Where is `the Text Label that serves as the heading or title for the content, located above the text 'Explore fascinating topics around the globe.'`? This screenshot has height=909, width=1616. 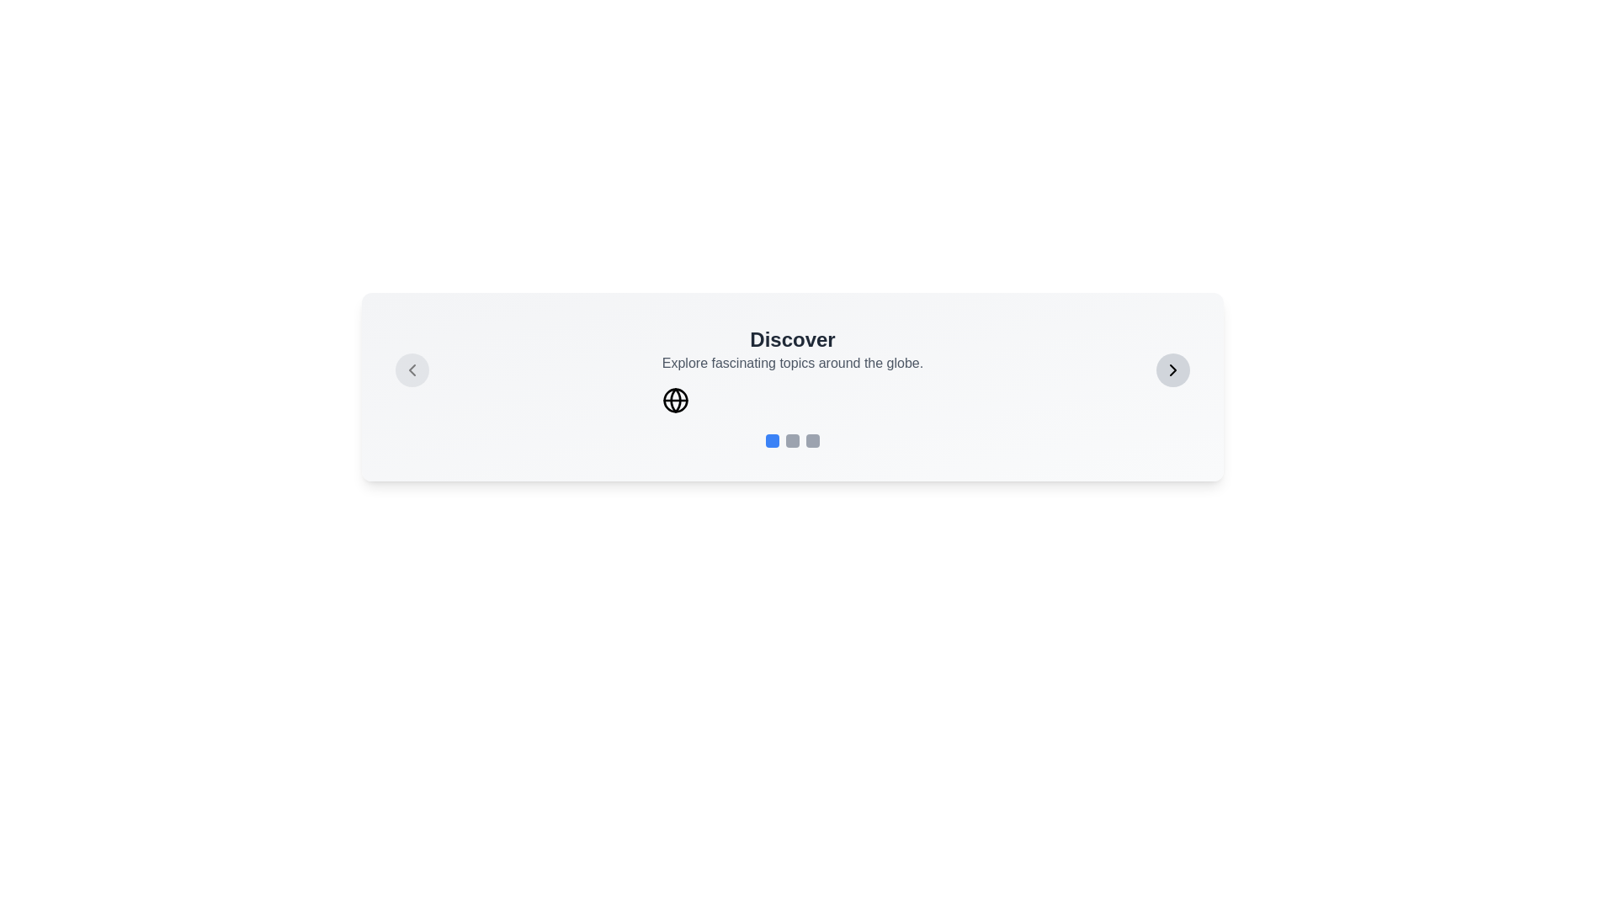 the Text Label that serves as the heading or title for the content, located above the text 'Explore fascinating topics around the globe.' is located at coordinates (791, 340).